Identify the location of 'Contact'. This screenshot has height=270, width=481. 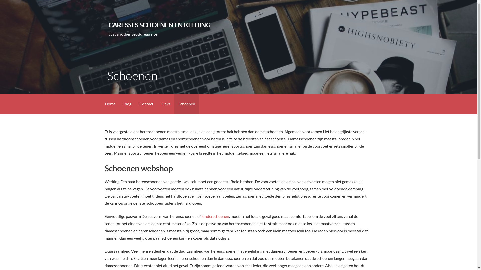
(146, 104).